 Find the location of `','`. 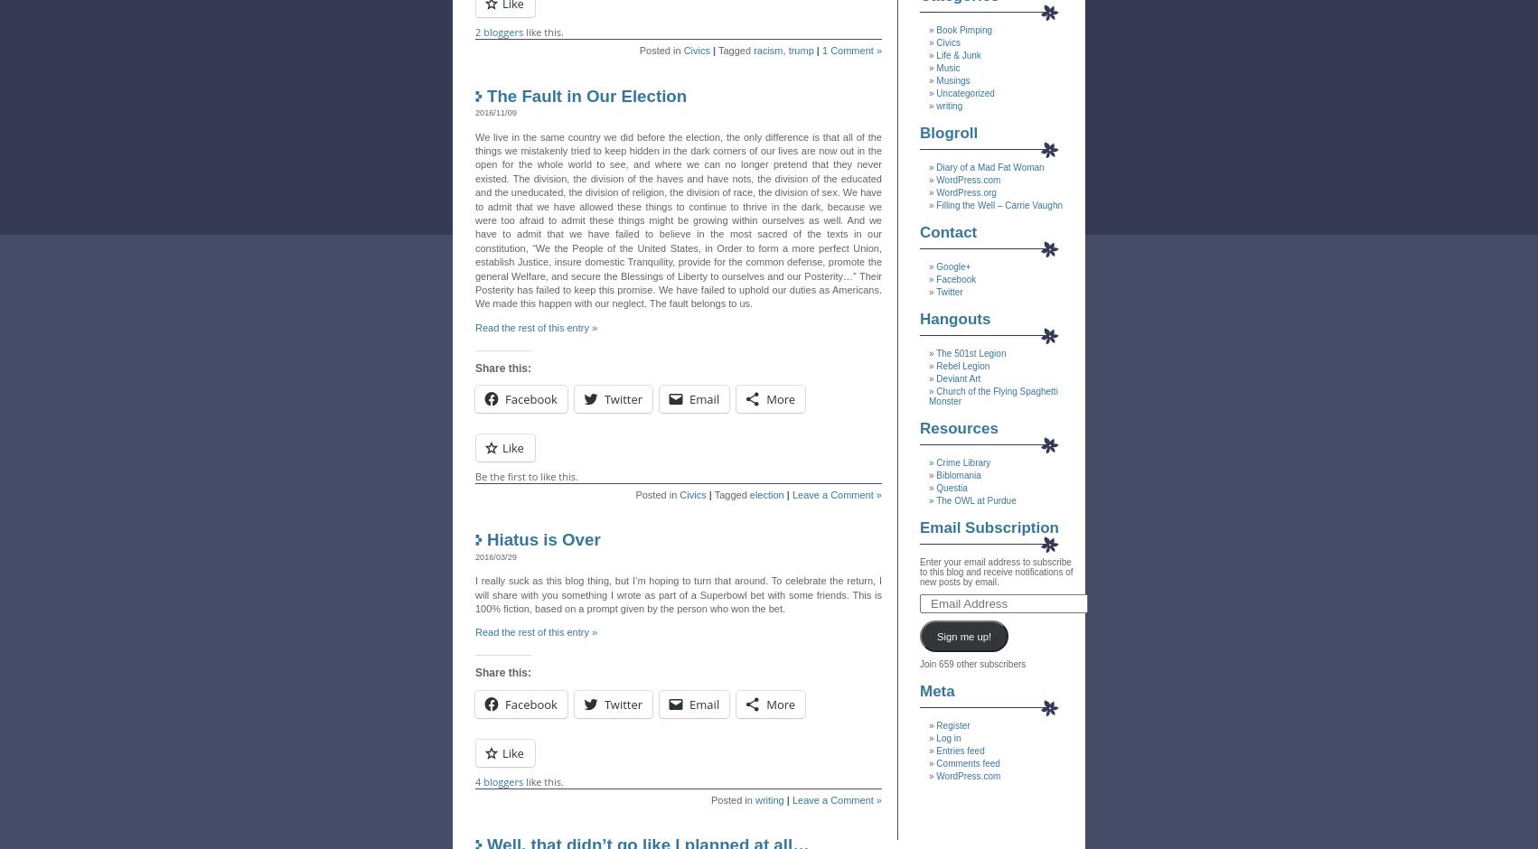

',' is located at coordinates (785, 50).